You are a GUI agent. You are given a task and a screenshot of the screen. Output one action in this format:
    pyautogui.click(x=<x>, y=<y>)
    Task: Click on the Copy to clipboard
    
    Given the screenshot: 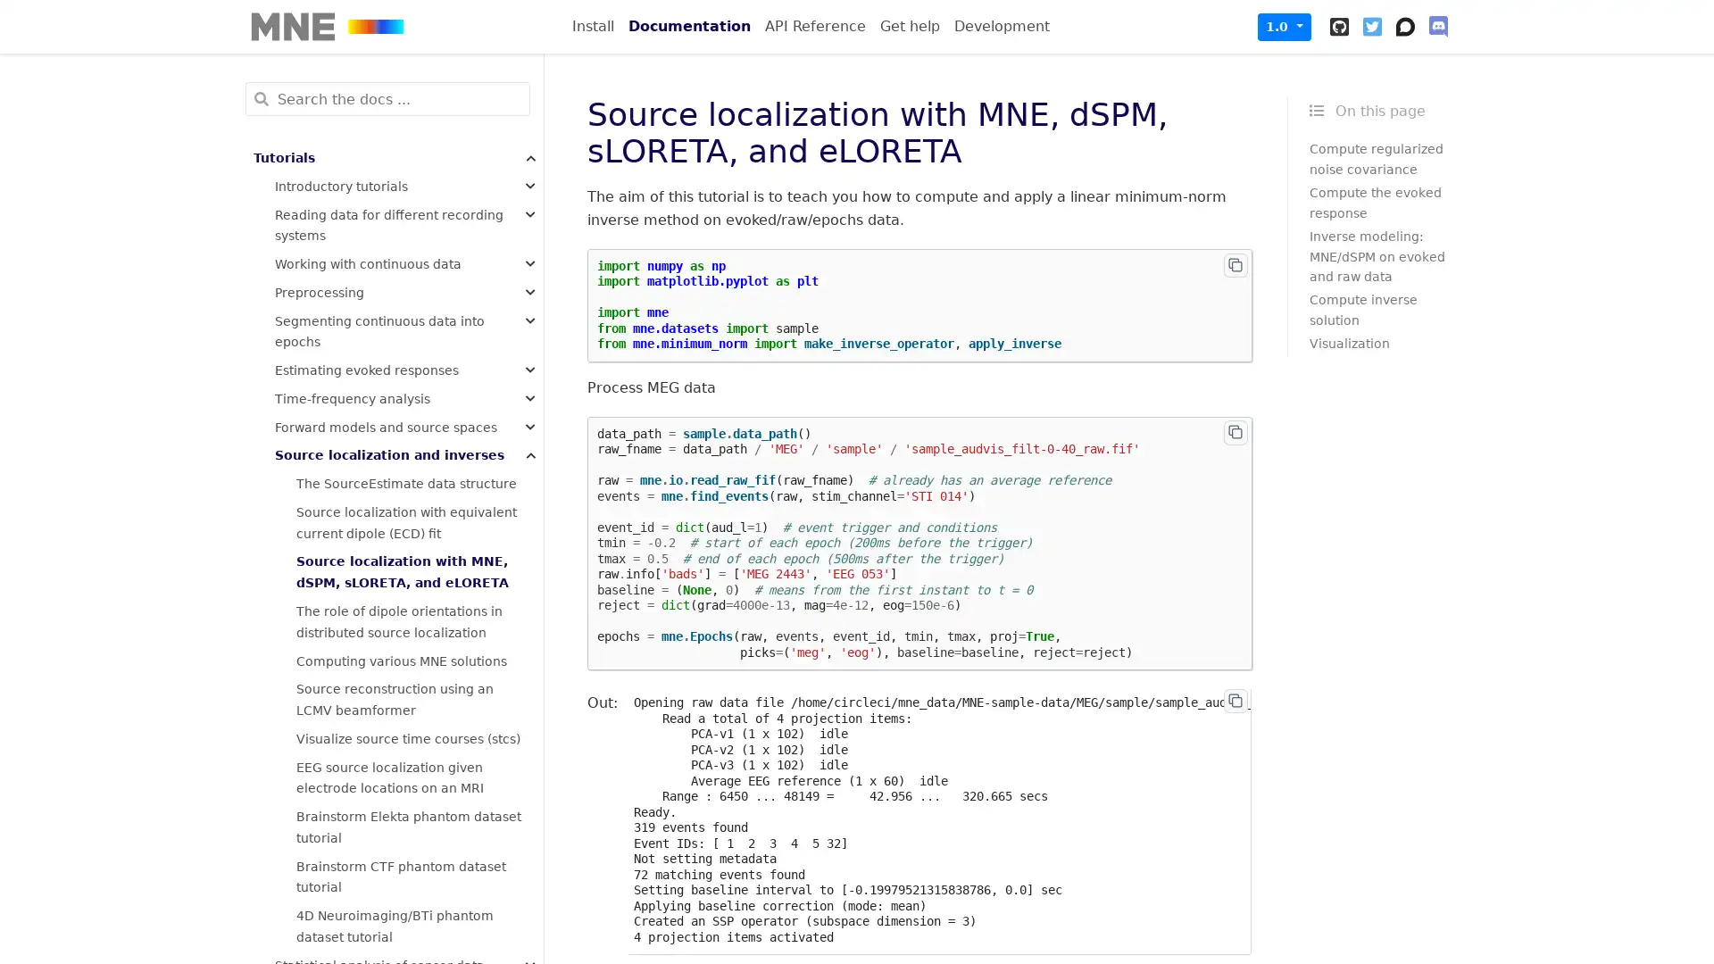 What is the action you would take?
    pyautogui.click(x=1234, y=700)
    